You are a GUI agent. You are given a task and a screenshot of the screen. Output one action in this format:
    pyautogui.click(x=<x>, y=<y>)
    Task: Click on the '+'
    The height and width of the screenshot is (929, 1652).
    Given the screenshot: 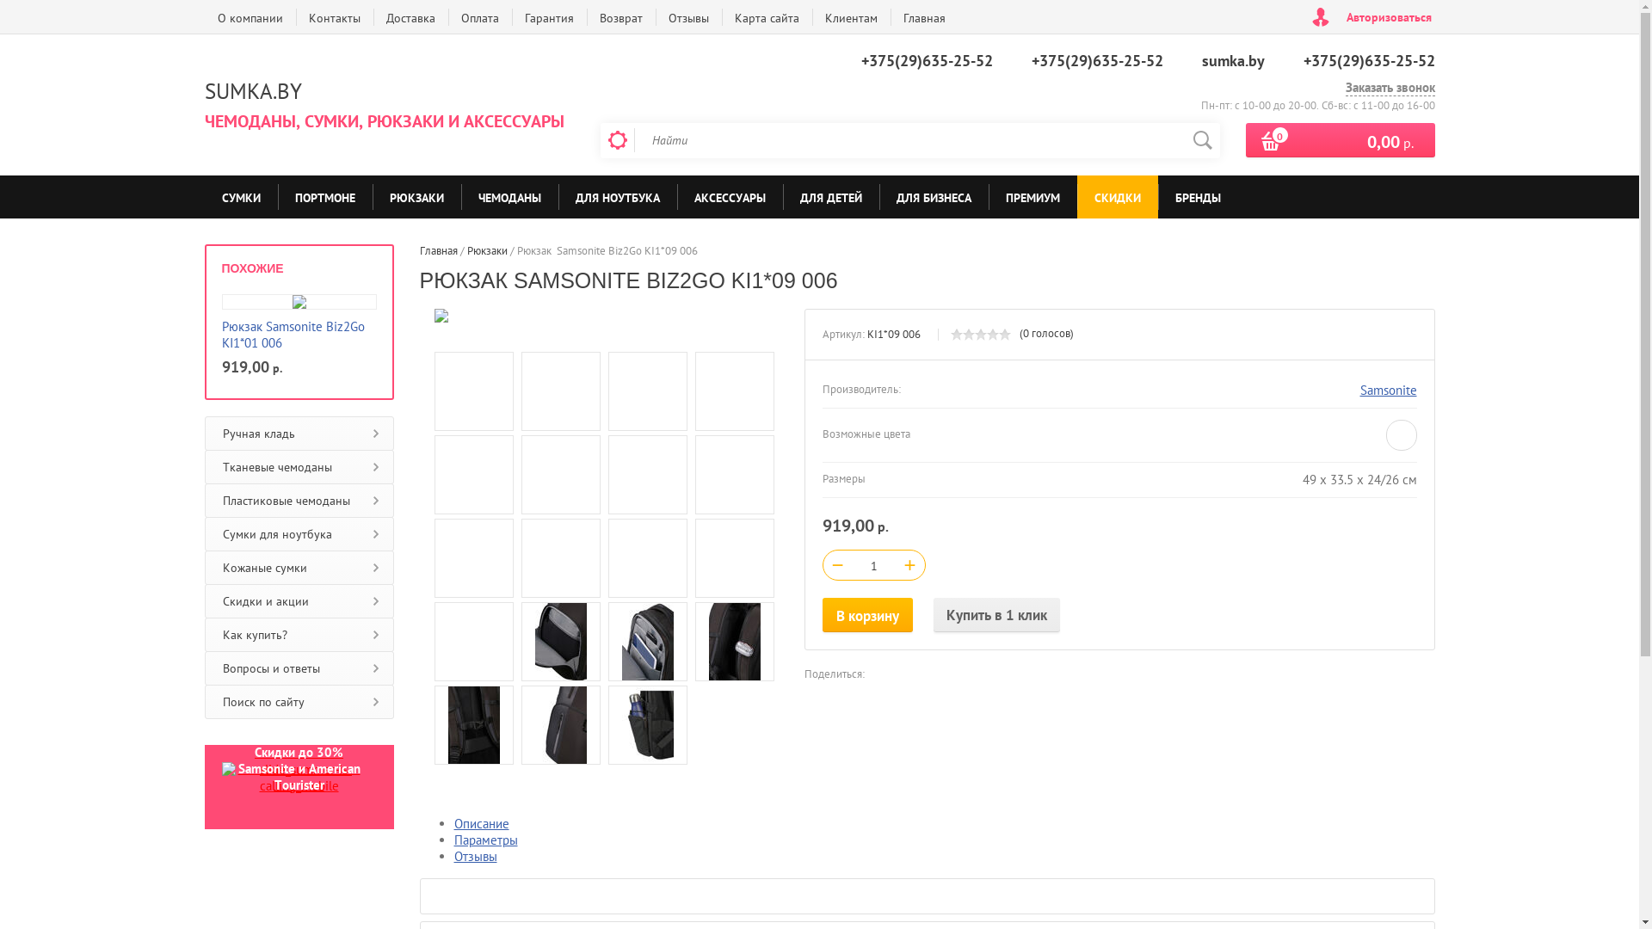 What is the action you would take?
    pyautogui.click(x=909, y=563)
    